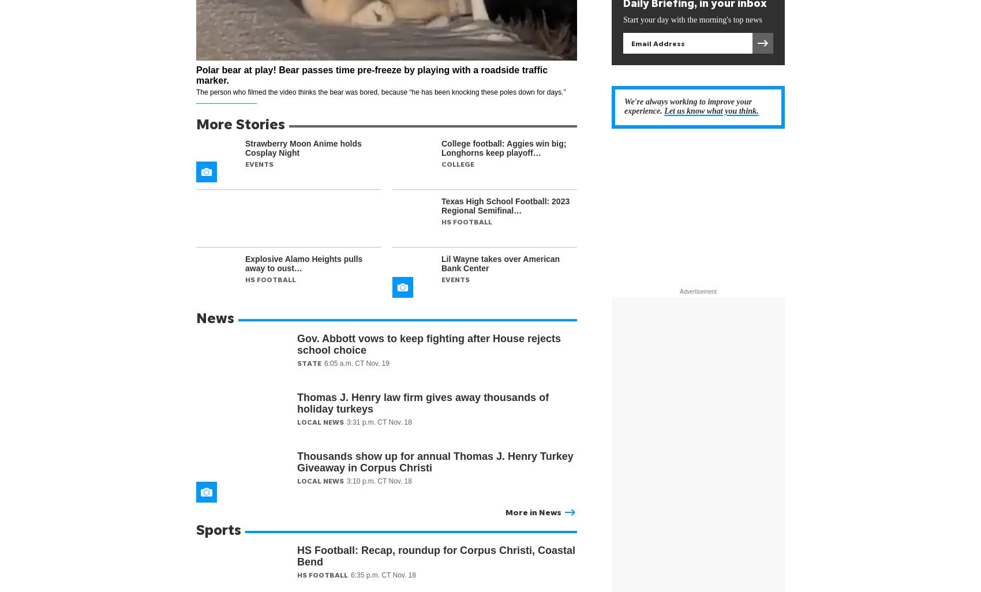  I want to click on 'Thomas J. Henry law firm gives away thousands of holiday turkeys', so click(423, 403).